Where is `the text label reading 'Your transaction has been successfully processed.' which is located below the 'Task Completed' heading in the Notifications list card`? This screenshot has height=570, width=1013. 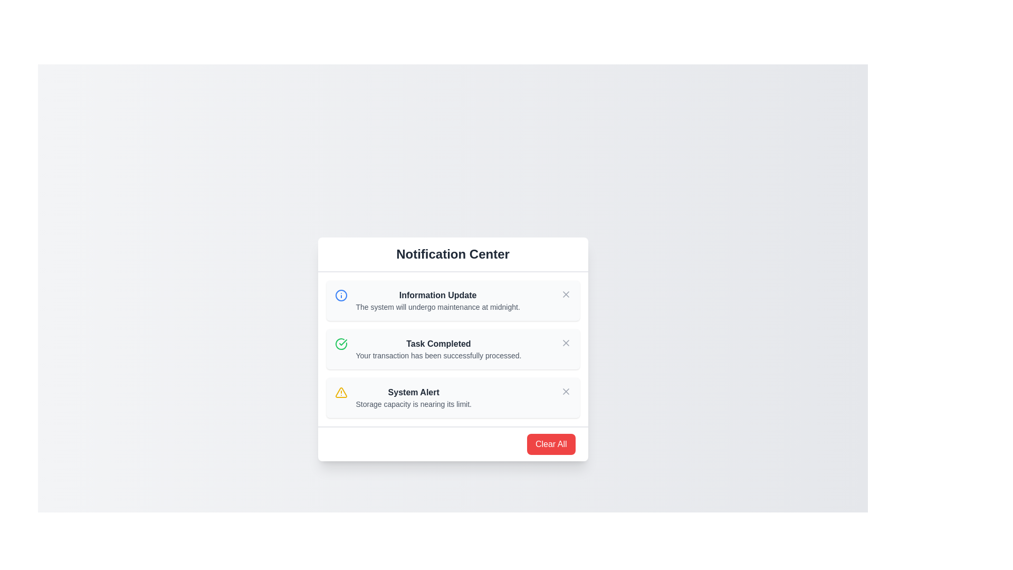
the text label reading 'Your transaction has been successfully processed.' which is located below the 'Task Completed' heading in the Notifications list card is located at coordinates (438, 356).